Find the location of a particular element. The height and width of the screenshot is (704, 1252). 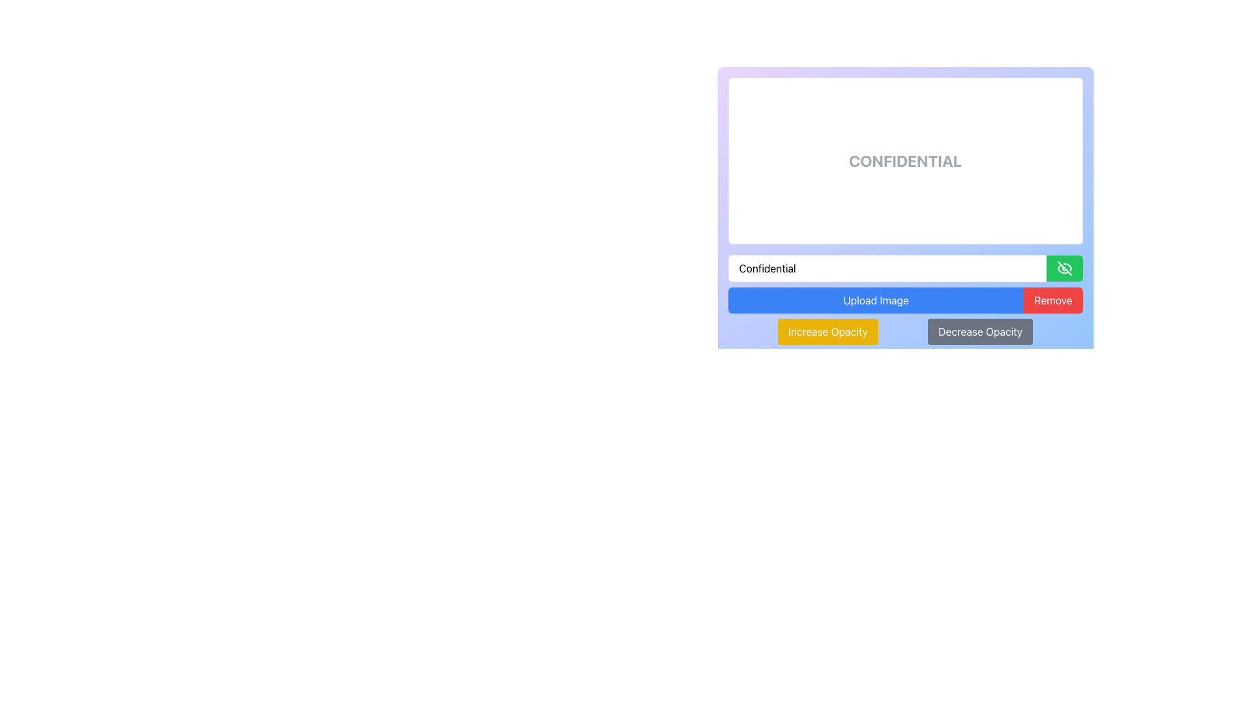

the 'Increase Opacity' button, which has a yellow background, rounded borders, and displays the text in white font is located at coordinates (827, 331).